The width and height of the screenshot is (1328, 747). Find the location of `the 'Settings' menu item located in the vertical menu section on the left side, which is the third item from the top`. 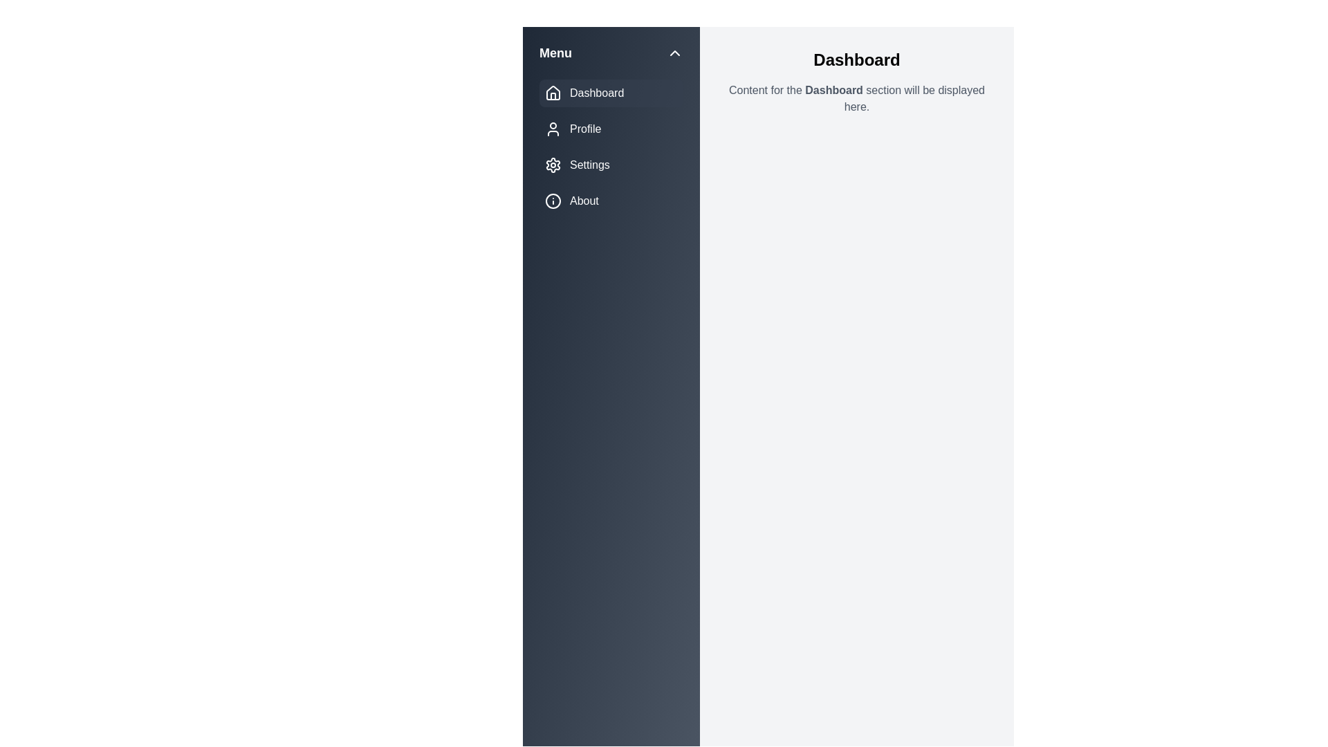

the 'Settings' menu item located in the vertical menu section on the left side, which is the third item from the top is located at coordinates (610, 165).